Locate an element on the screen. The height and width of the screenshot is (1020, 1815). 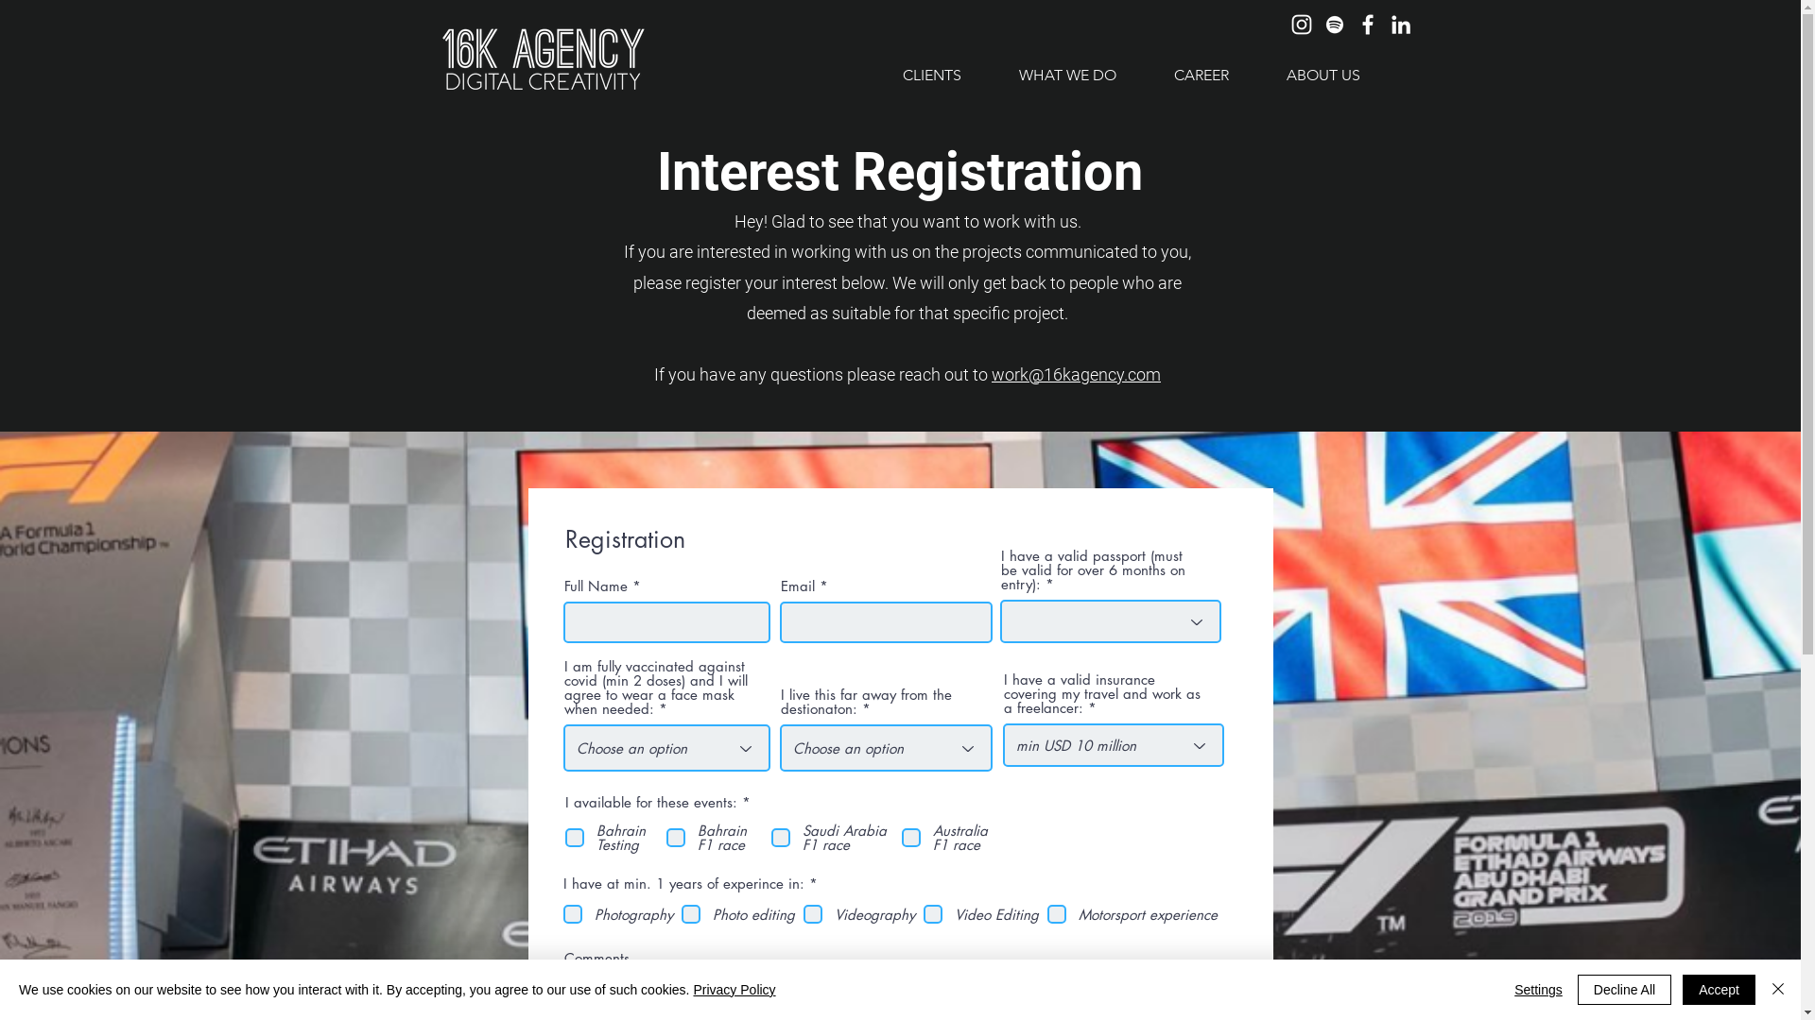
'Accept' is located at coordinates (1719, 989).